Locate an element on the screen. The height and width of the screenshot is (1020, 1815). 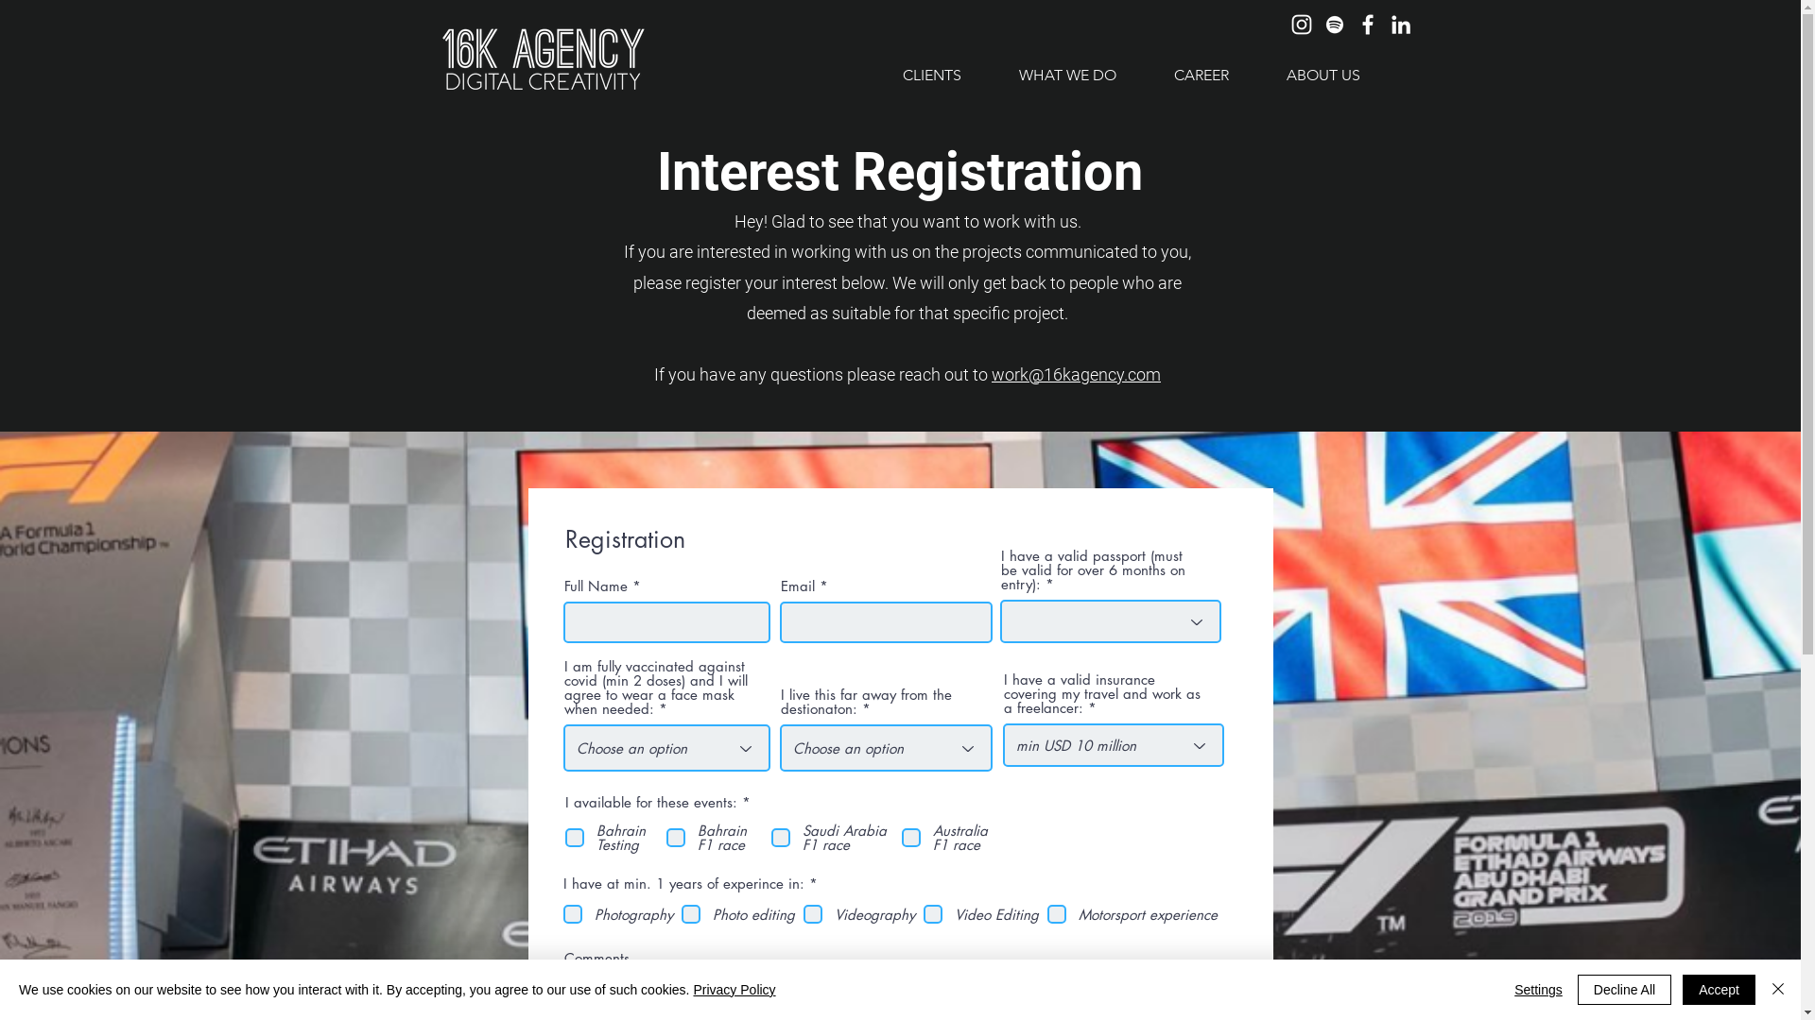
'Accept' is located at coordinates (1719, 989).